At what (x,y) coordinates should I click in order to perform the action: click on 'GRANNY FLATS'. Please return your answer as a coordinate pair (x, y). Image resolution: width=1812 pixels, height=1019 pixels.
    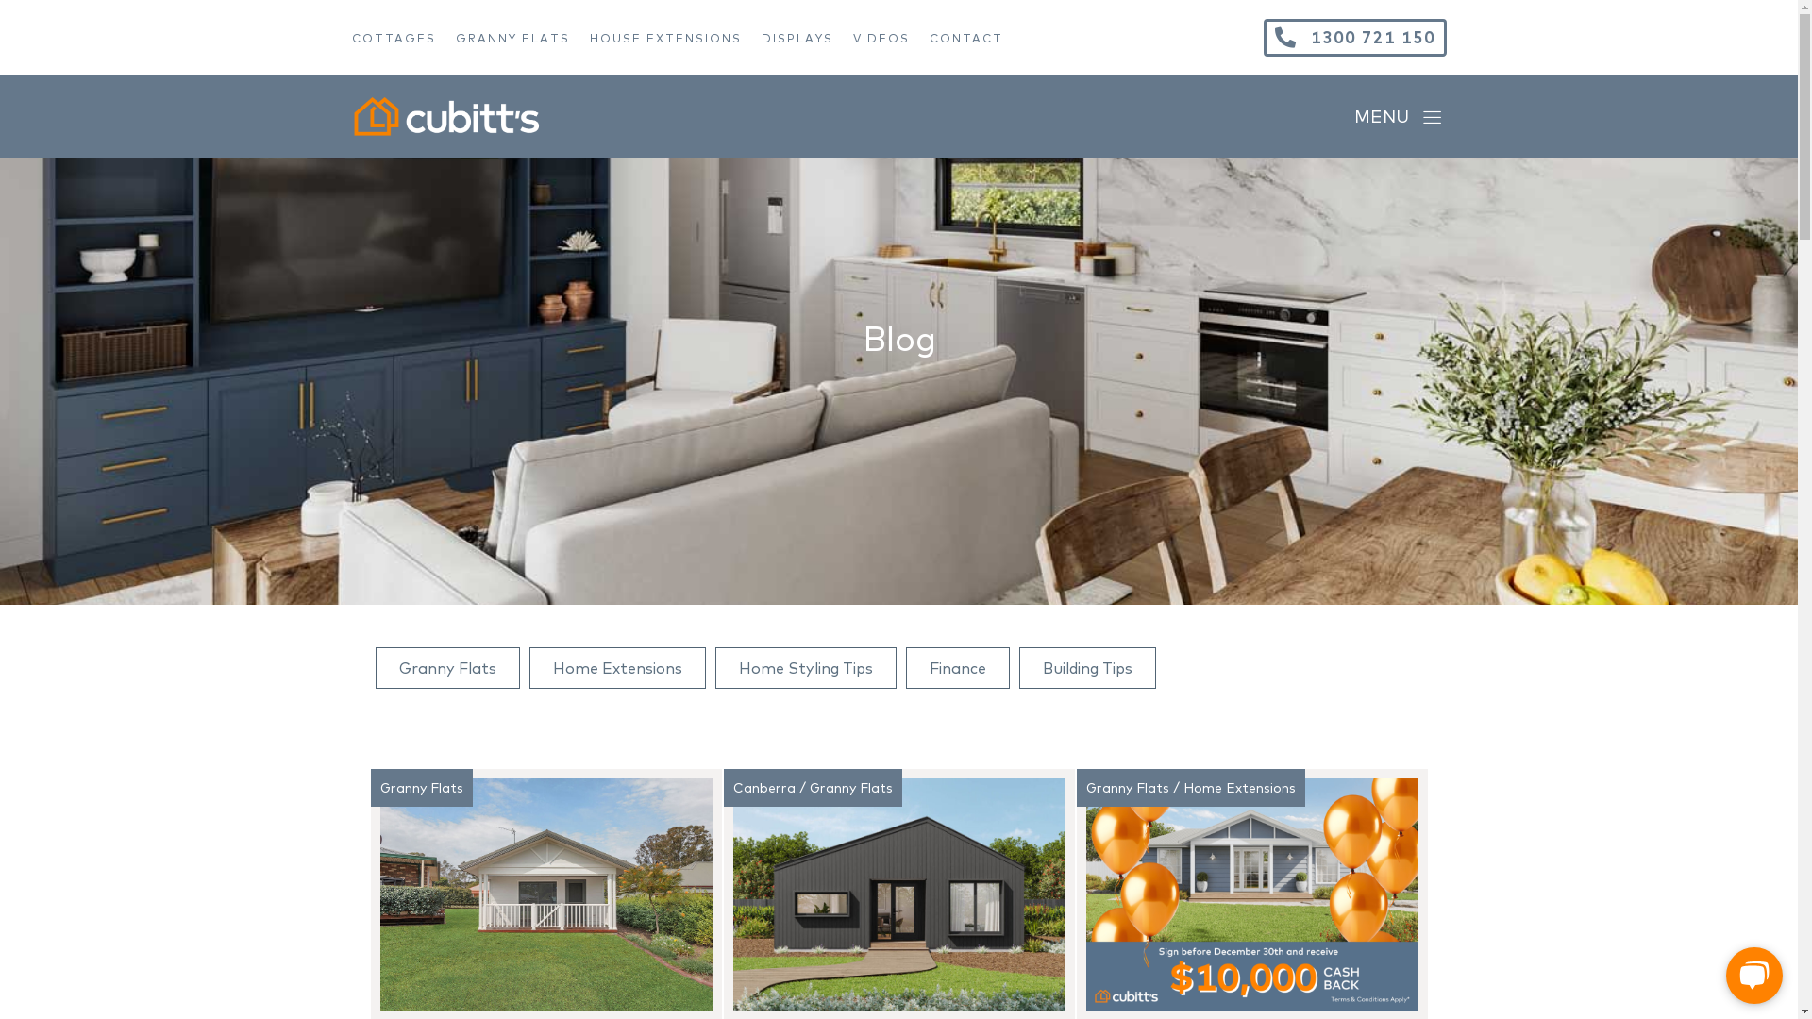
    Looking at the image, I should click on (454, 38).